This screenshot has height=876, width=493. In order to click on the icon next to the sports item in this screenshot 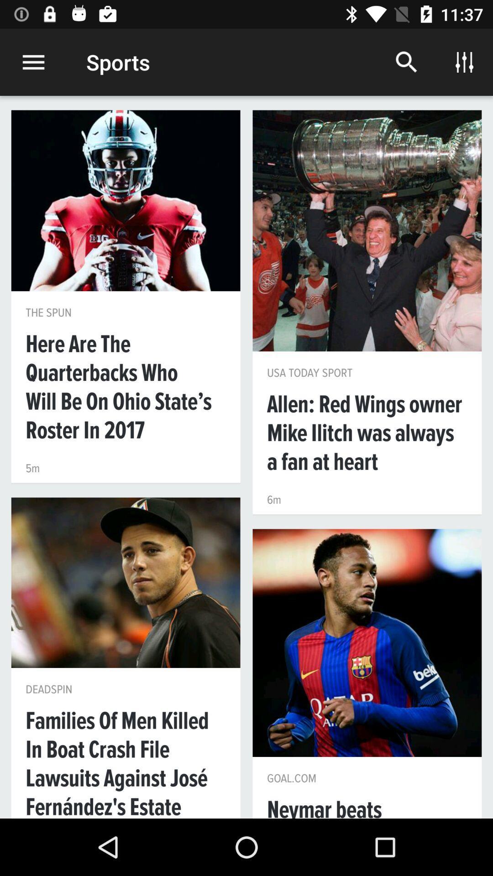, I will do `click(33, 62)`.